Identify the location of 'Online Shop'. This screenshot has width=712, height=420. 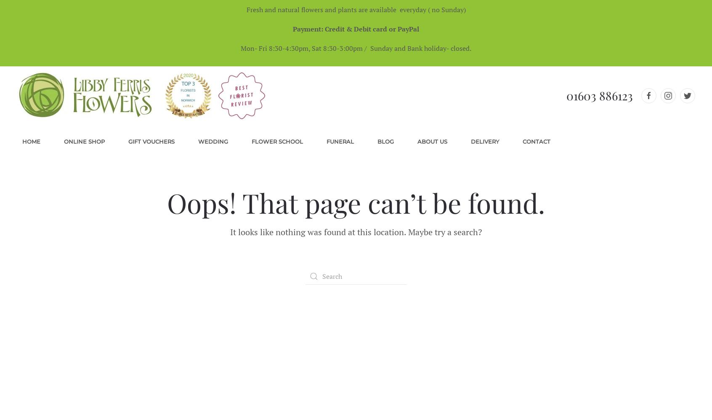
(63, 141).